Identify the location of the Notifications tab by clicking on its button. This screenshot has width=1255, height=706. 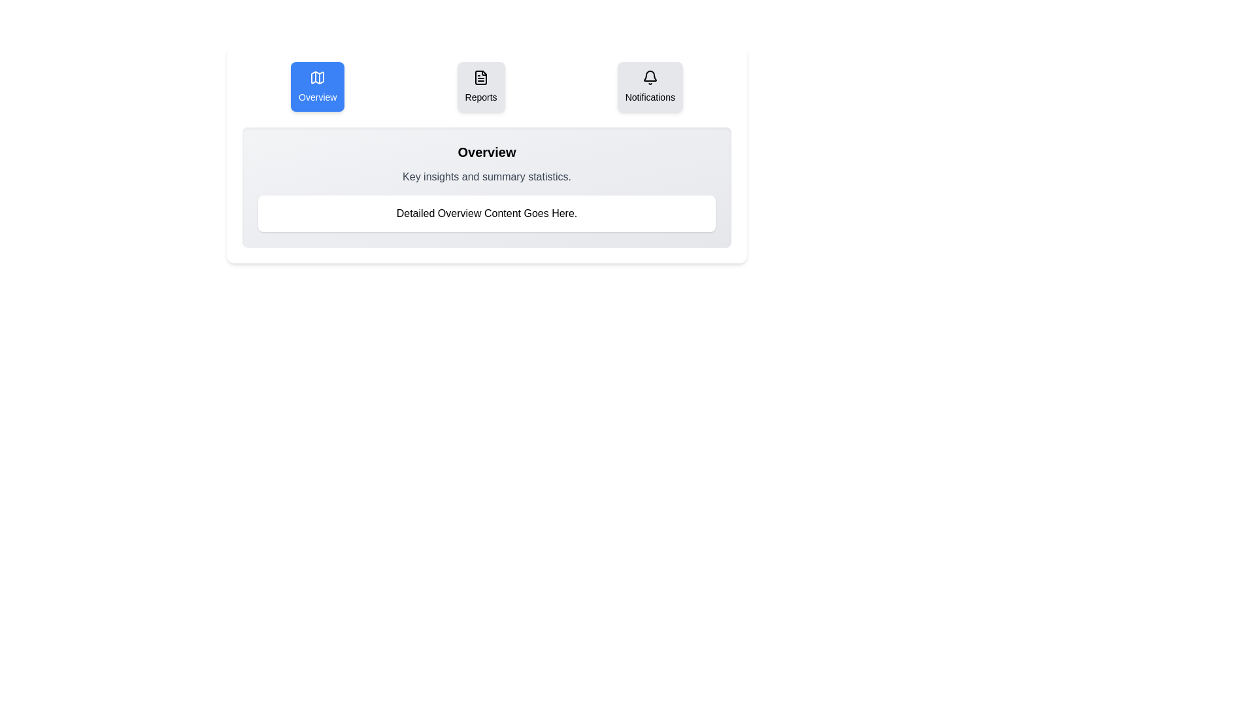
(650, 86).